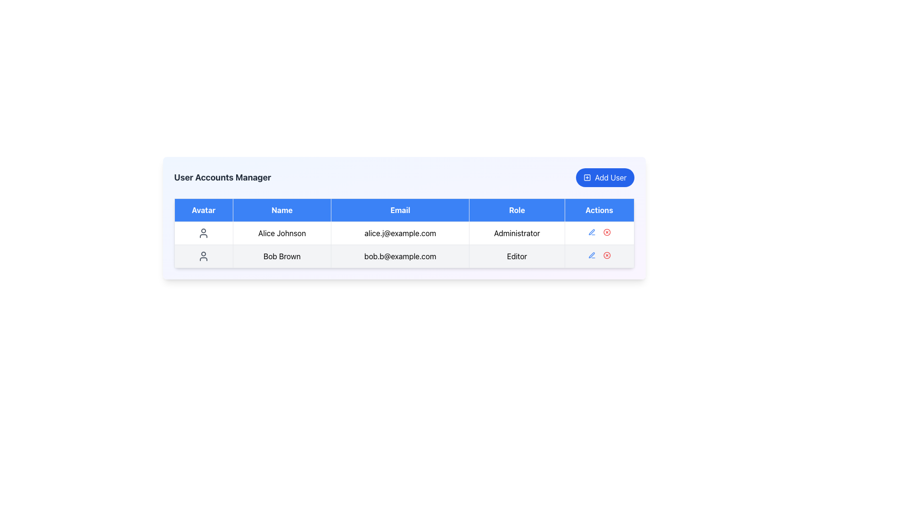 This screenshot has height=509, width=905. What do you see at coordinates (281, 233) in the screenshot?
I see `text content of the Text Label displaying 'Alice Johnson' located in the first row under the 'Name' column of the table` at bounding box center [281, 233].